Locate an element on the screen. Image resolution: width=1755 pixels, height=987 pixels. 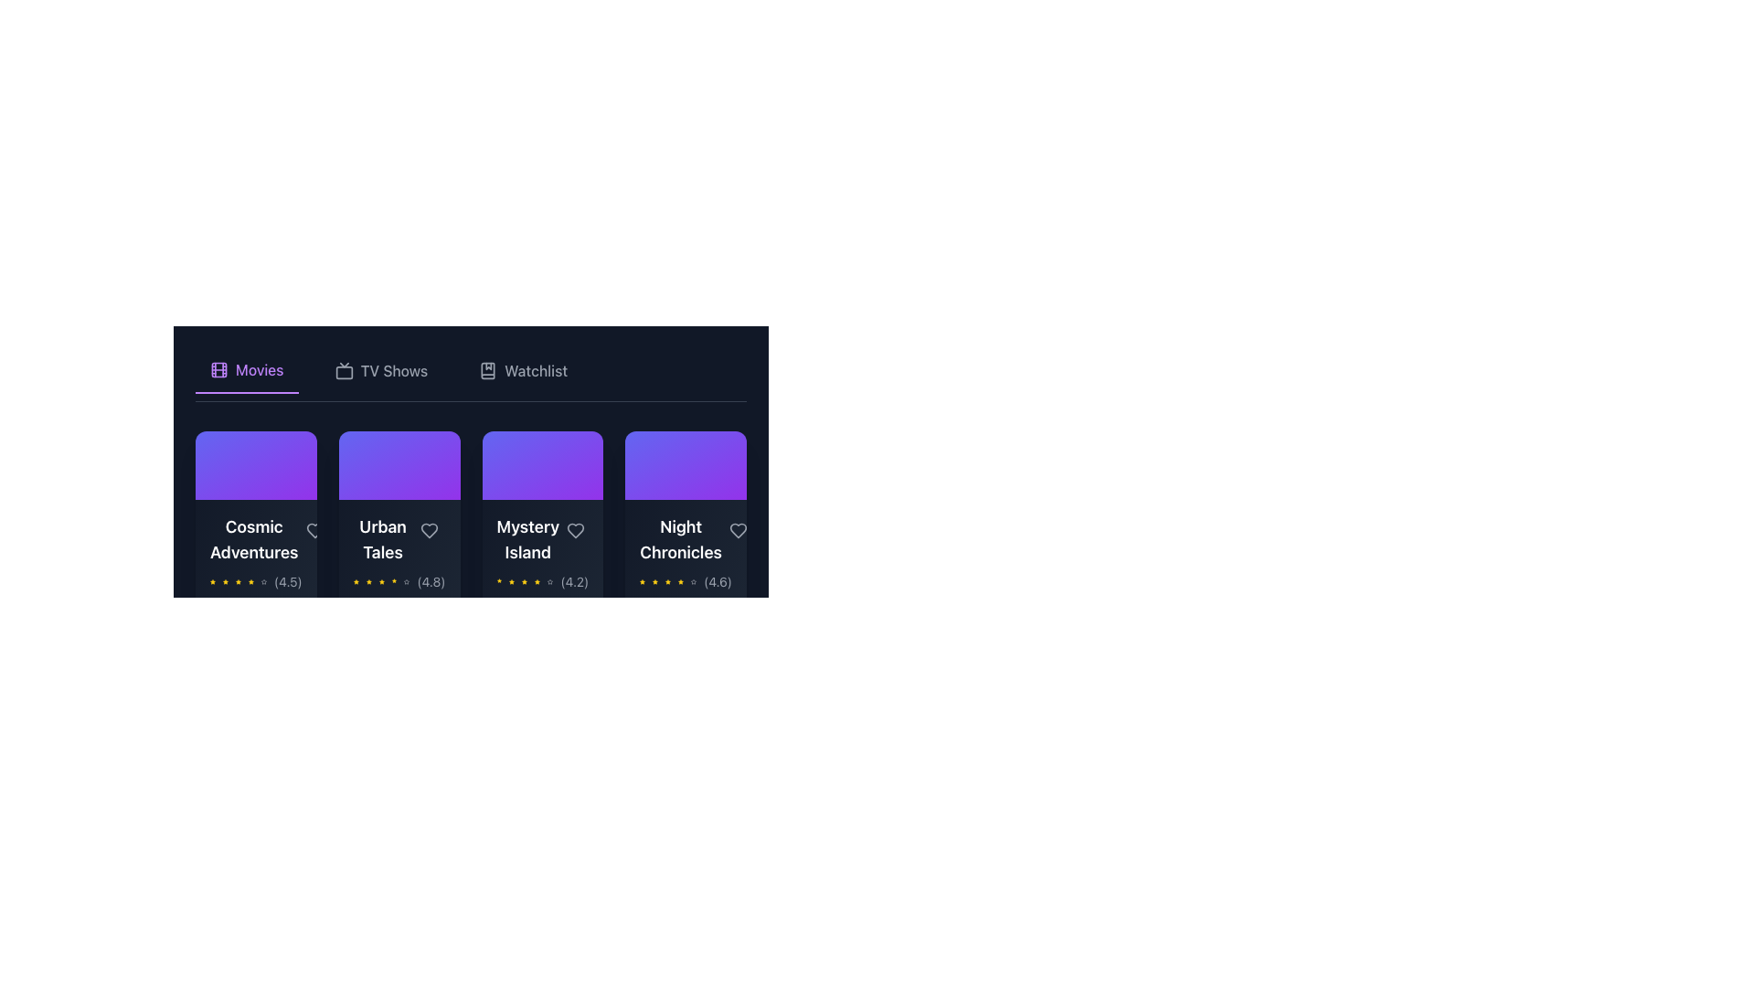
the second star icon in the rating system for 'Urban Tales', which is visually represented by a star and located directly below the title card is located at coordinates (367, 581).